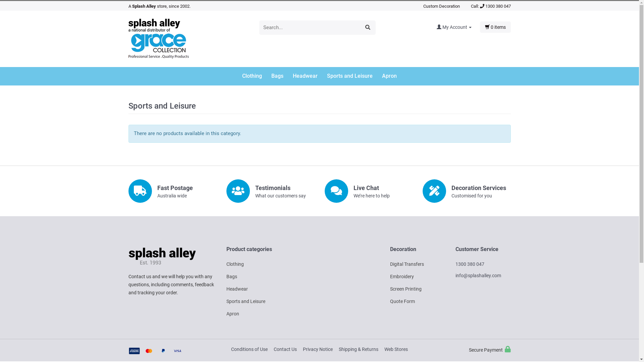 Image resolution: width=644 pixels, height=362 pixels. What do you see at coordinates (232, 277) in the screenshot?
I see `'Bags'` at bounding box center [232, 277].